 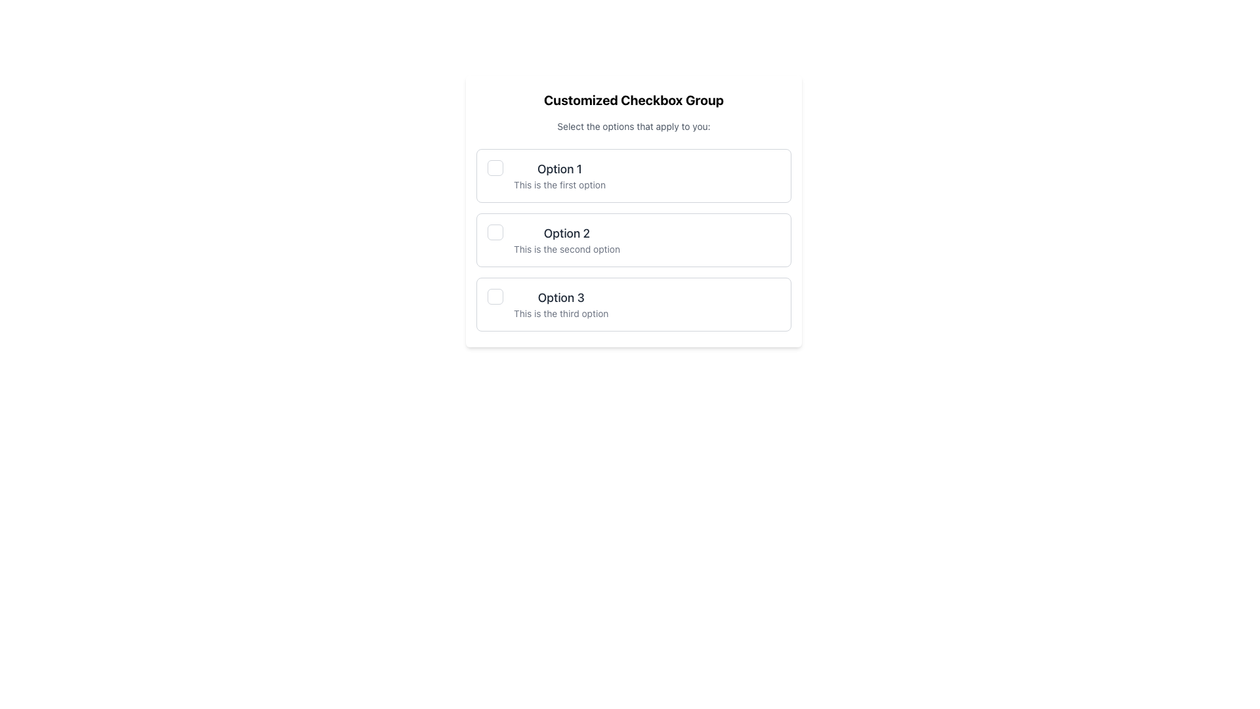 I want to click on the grouped interactive section containing checkbox elements, so click(x=633, y=210).